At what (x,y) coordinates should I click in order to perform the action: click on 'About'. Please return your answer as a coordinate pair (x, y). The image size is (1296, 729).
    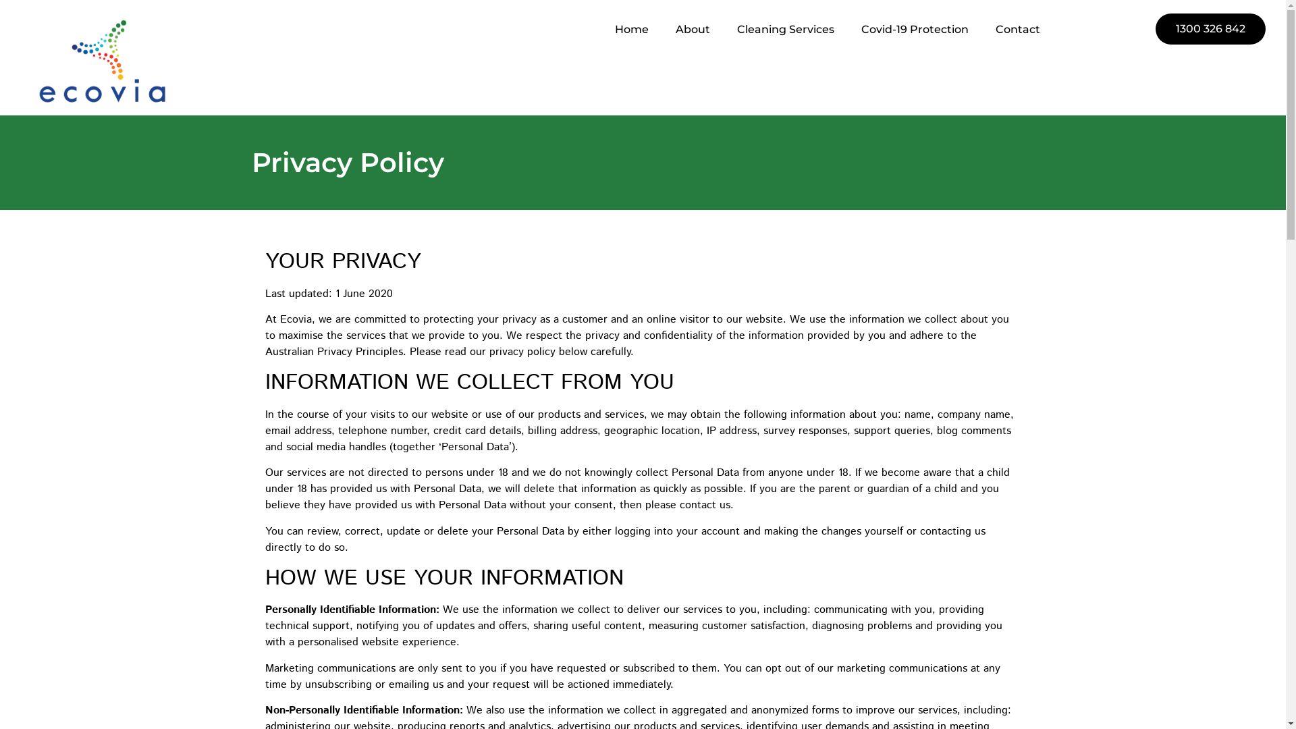
    Looking at the image, I should click on (693, 29).